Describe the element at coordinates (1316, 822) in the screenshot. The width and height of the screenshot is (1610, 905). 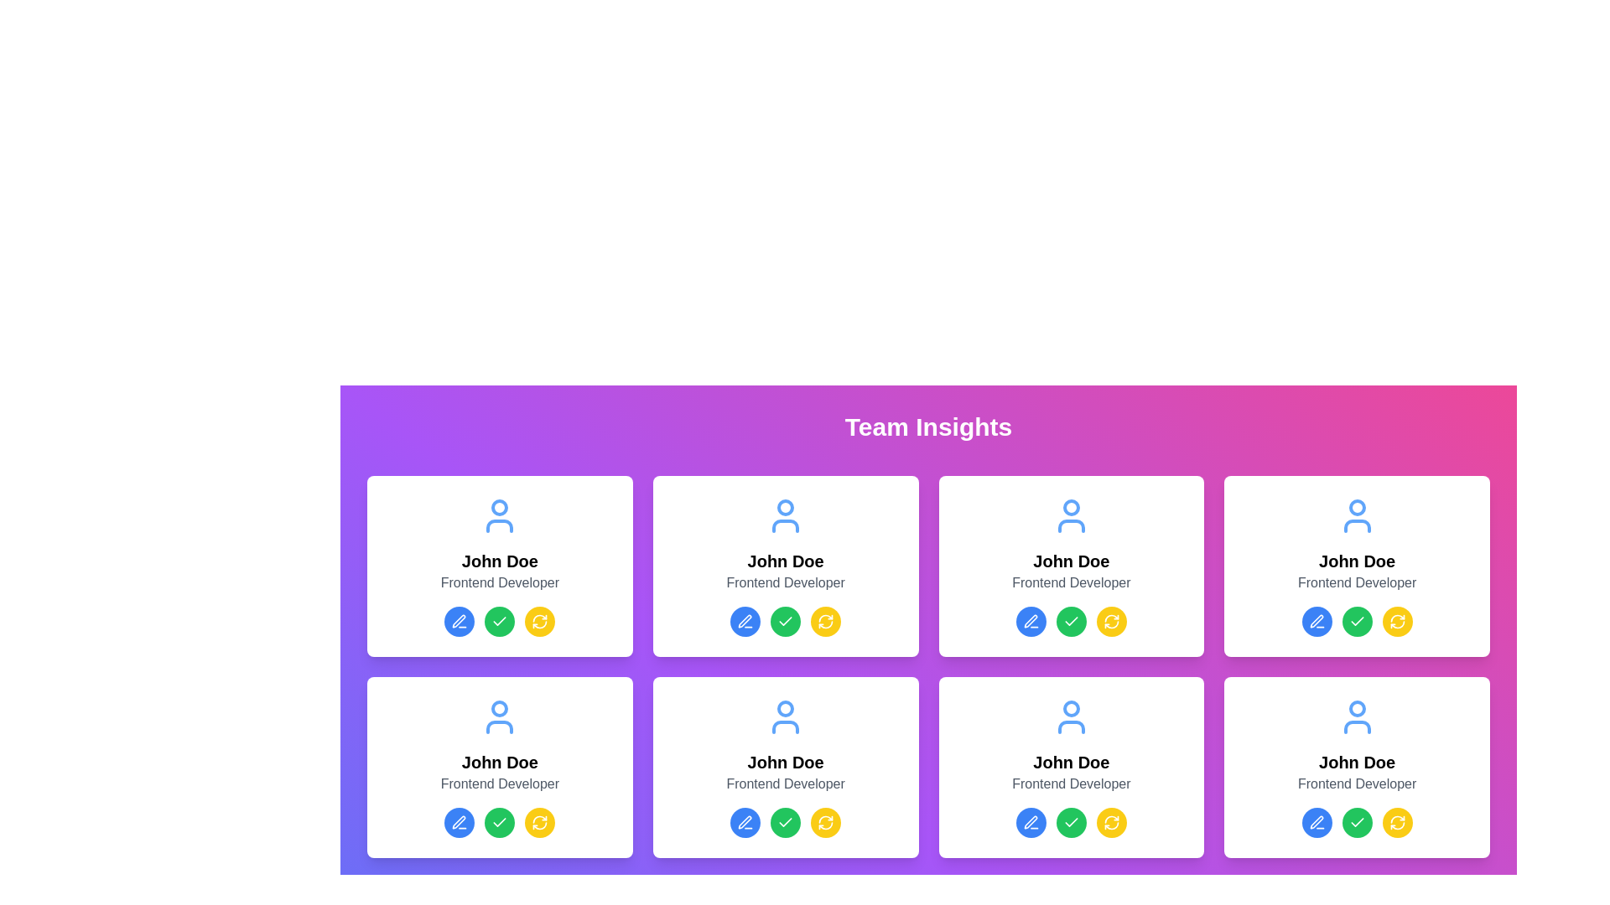
I see `the edit action button located in the bottom-left corner of the card in the fourth column of the second row` at that location.